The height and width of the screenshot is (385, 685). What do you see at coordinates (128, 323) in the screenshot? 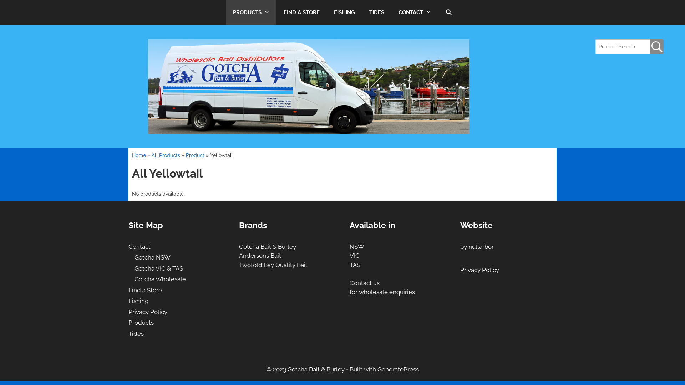
I see `'Products'` at bounding box center [128, 323].